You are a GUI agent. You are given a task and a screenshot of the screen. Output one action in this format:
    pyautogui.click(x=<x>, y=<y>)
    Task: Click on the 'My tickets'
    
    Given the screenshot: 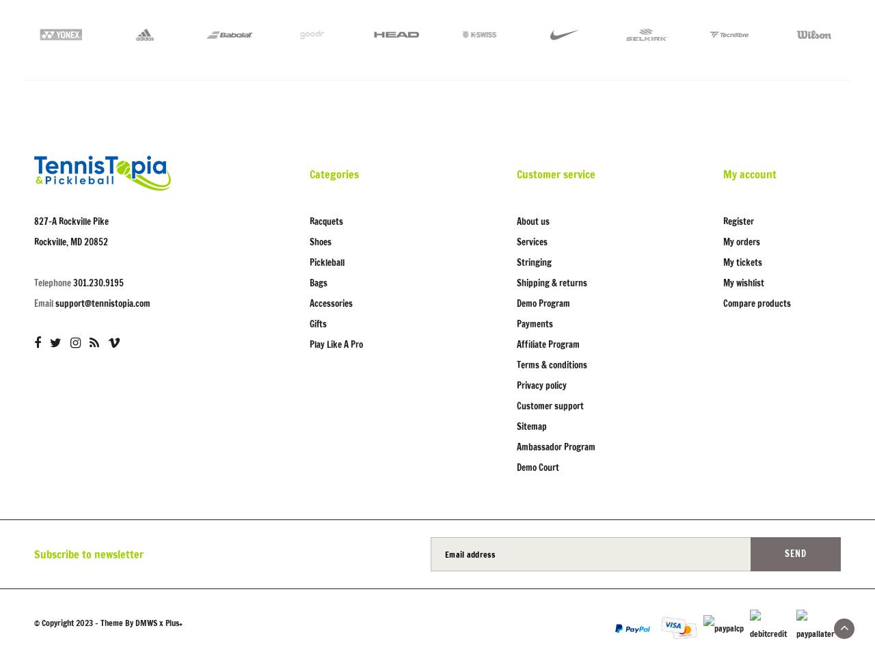 What is the action you would take?
    pyautogui.click(x=742, y=262)
    